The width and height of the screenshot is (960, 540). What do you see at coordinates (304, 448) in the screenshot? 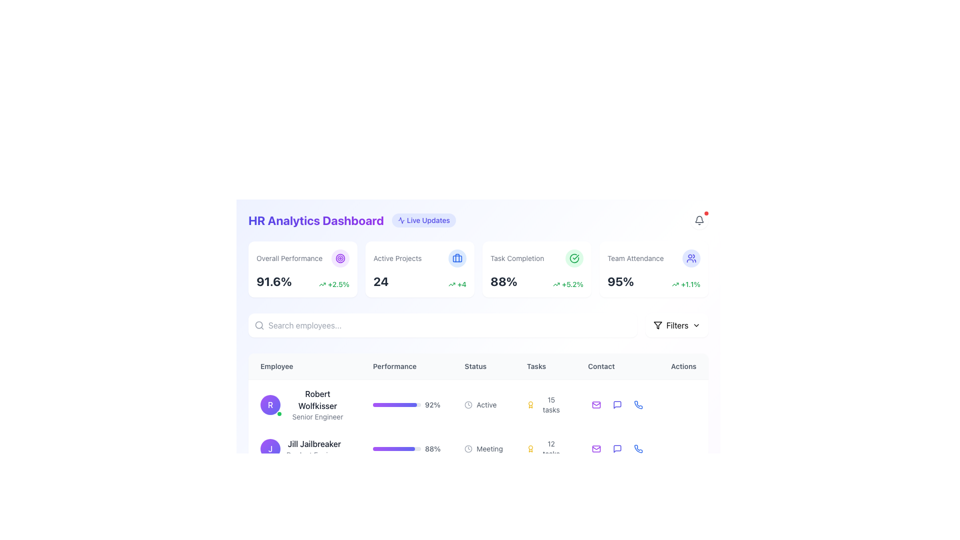
I see `the Profile item in the second row of the employee table` at bounding box center [304, 448].